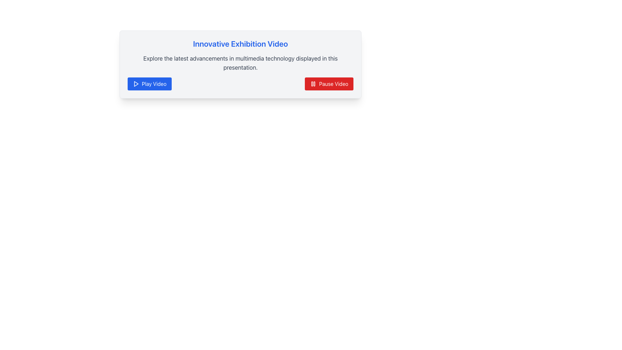 The image size is (622, 350). I want to click on the triangular play icon located in the center of the 'Play Video' button, which is beneath the 'Innovative Exhibition Video' text, so click(136, 83).